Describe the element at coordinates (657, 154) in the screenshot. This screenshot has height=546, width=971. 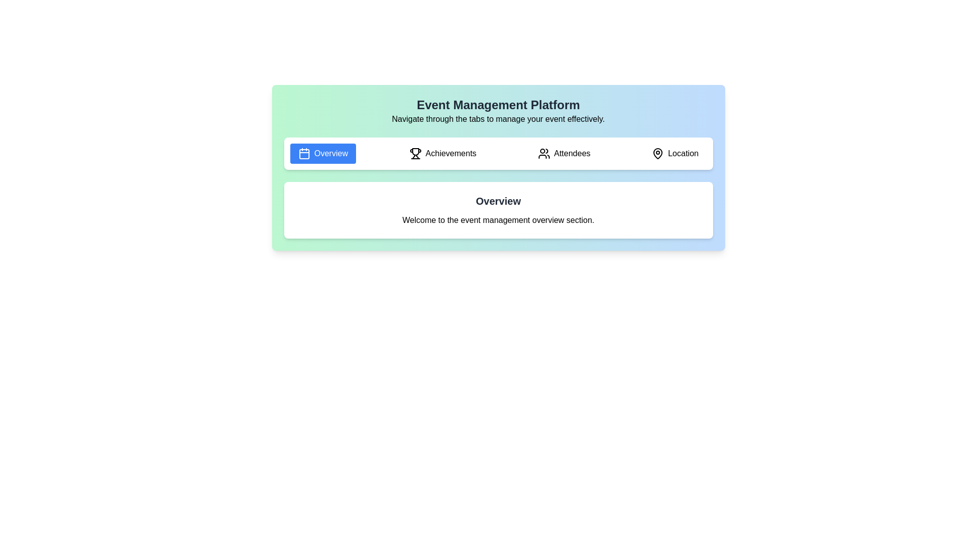
I see `the map pin icon located within the 'Location' button in the horizontal navigation menu, which is the fourth button from the left in the Event Management Platform interface` at that location.